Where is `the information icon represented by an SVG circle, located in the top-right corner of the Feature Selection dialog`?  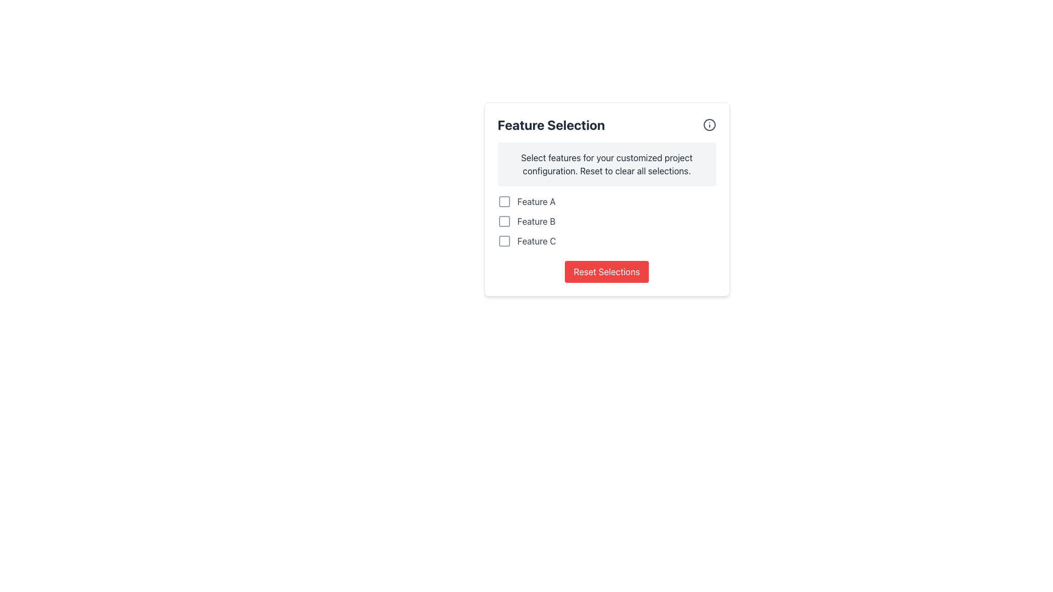
the information icon represented by an SVG circle, located in the top-right corner of the Feature Selection dialog is located at coordinates (709, 124).